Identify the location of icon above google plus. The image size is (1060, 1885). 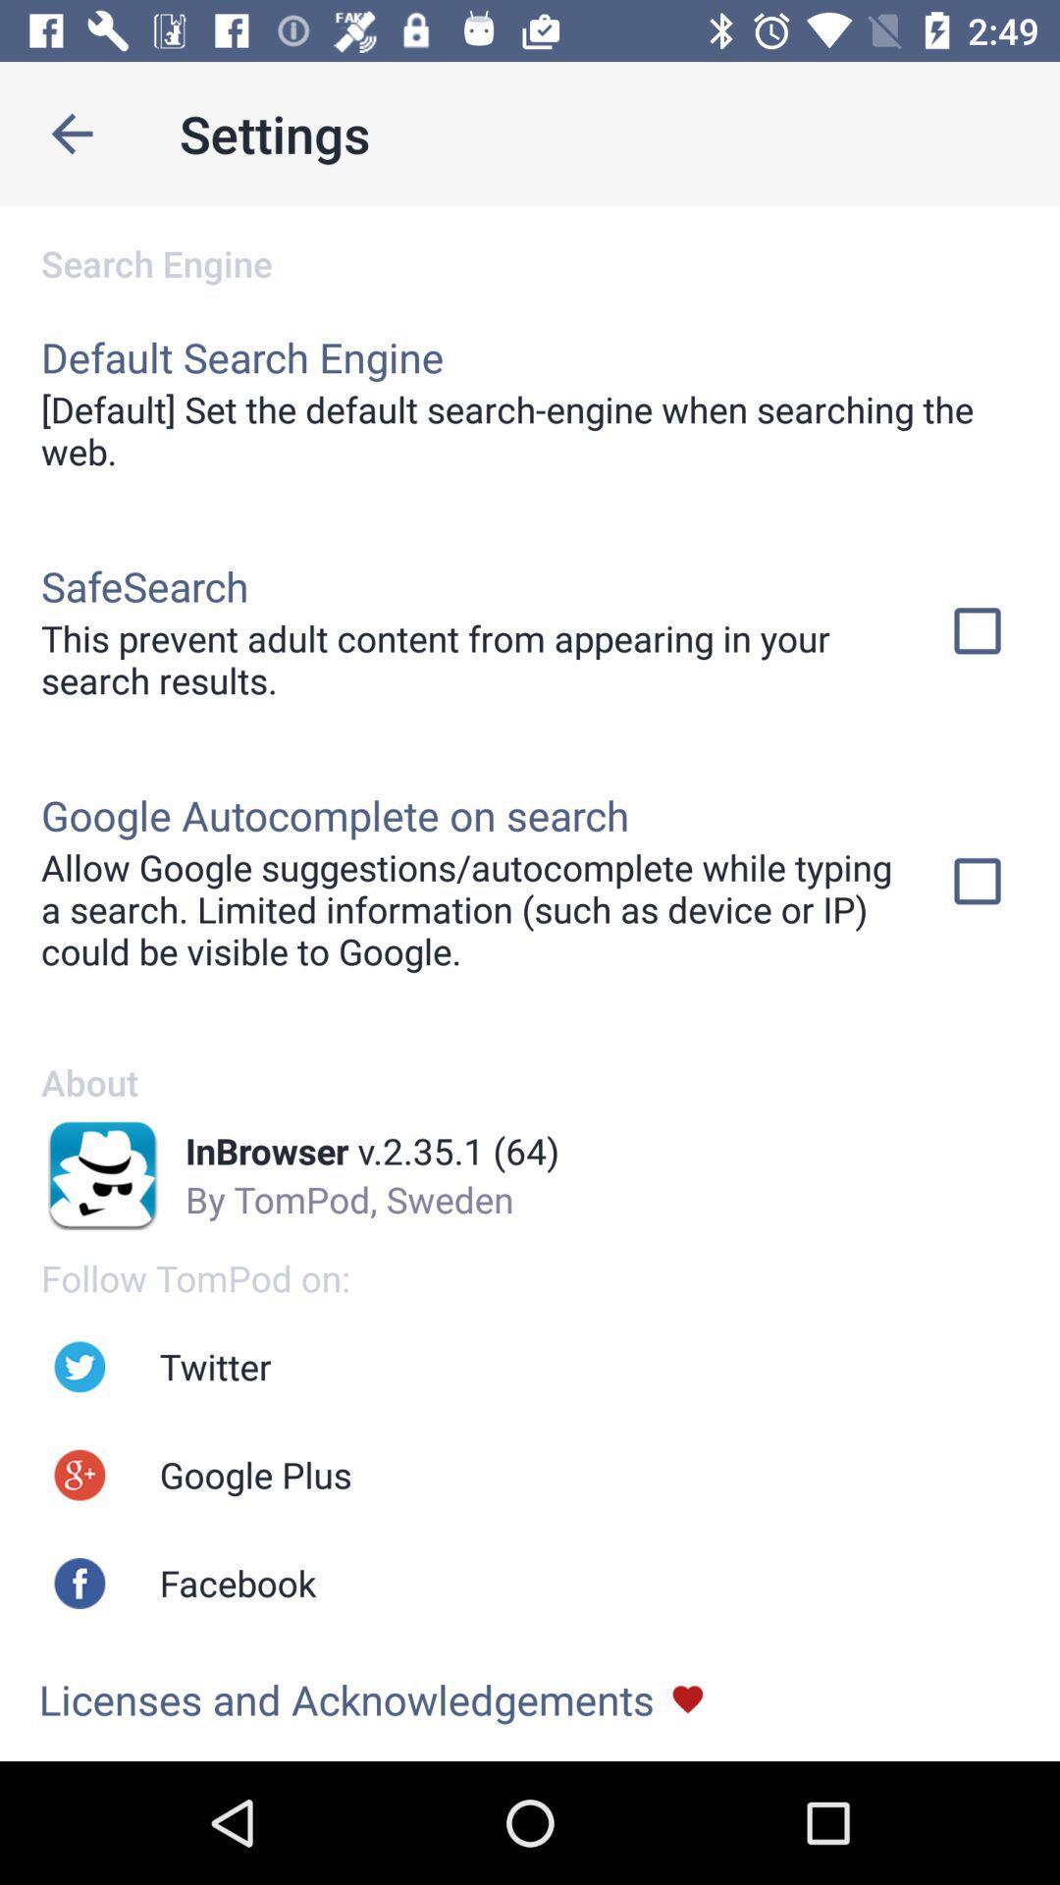
(215, 1366).